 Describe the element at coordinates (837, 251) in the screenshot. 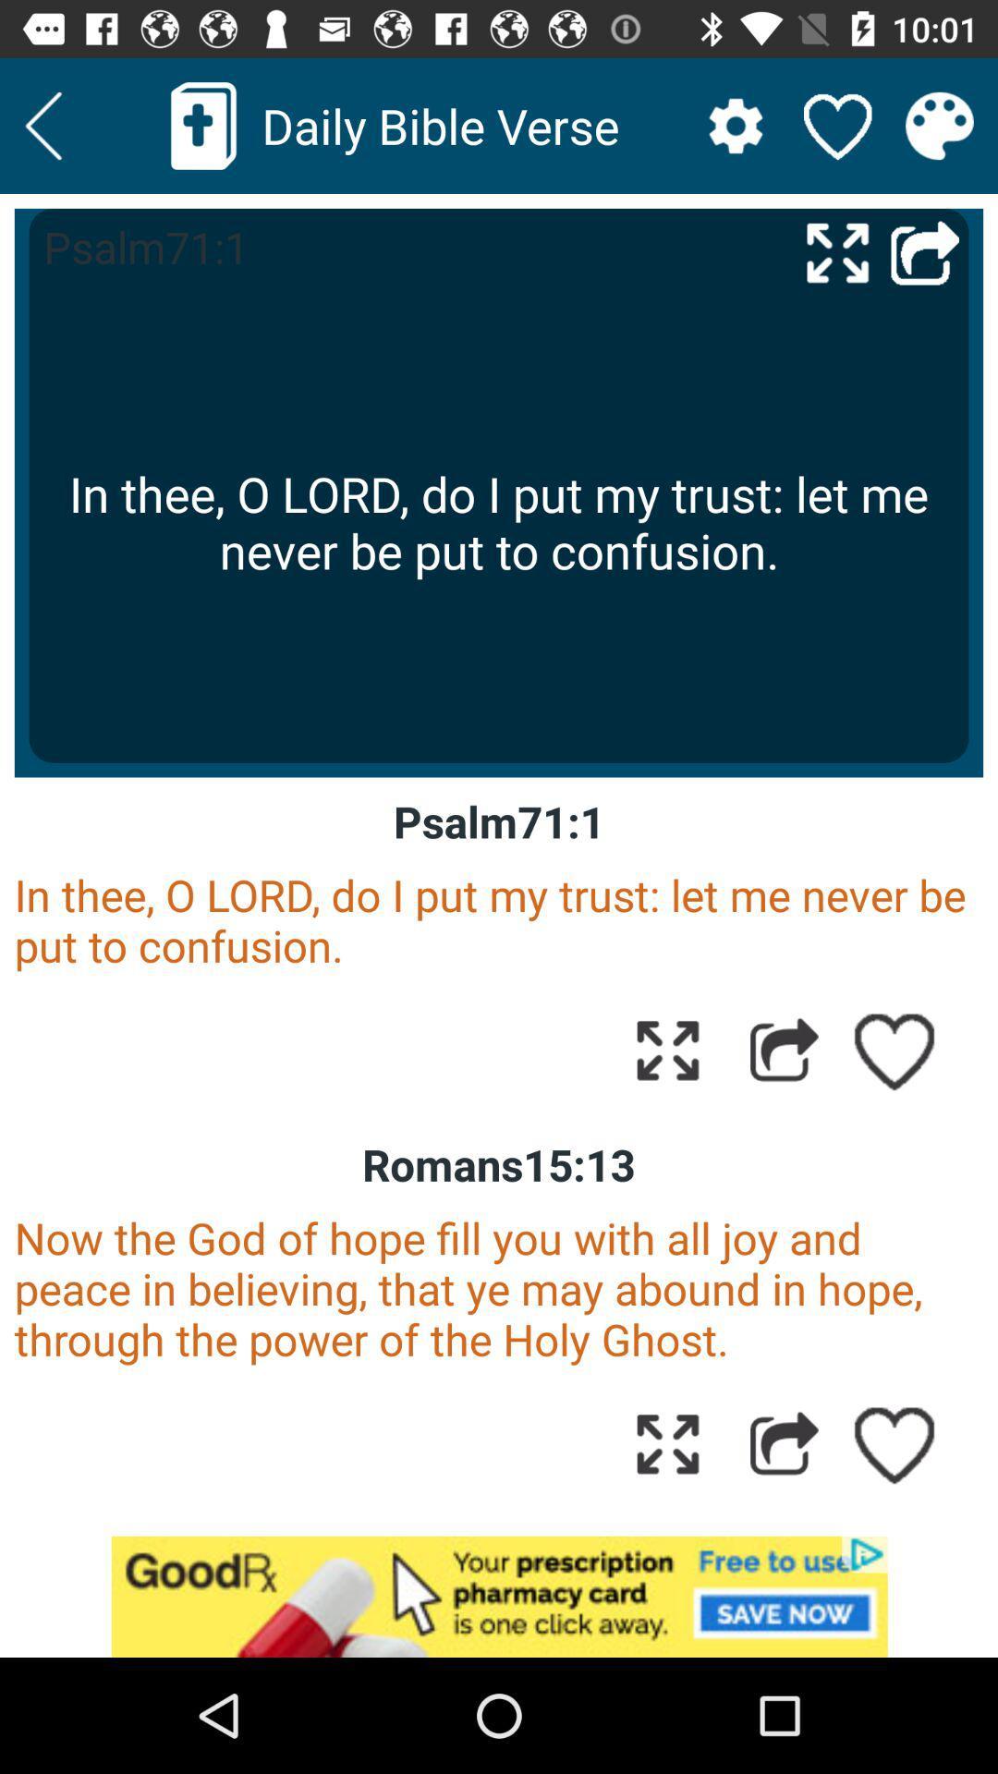

I see `the fullscreen icon` at that location.